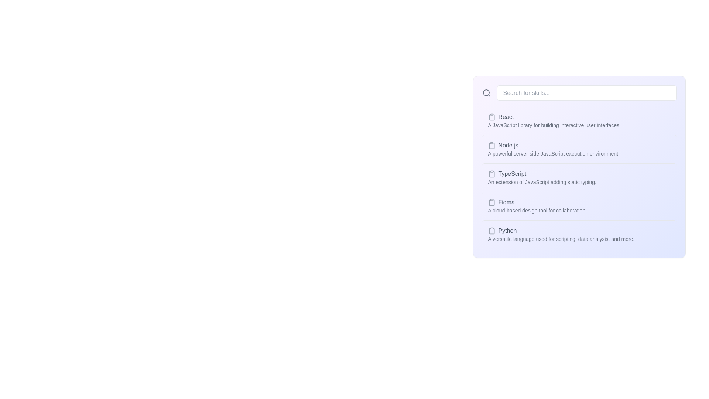 Image resolution: width=709 pixels, height=399 pixels. What do you see at coordinates (554, 116) in the screenshot?
I see `the List item entry for the React framework` at bounding box center [554, 116].